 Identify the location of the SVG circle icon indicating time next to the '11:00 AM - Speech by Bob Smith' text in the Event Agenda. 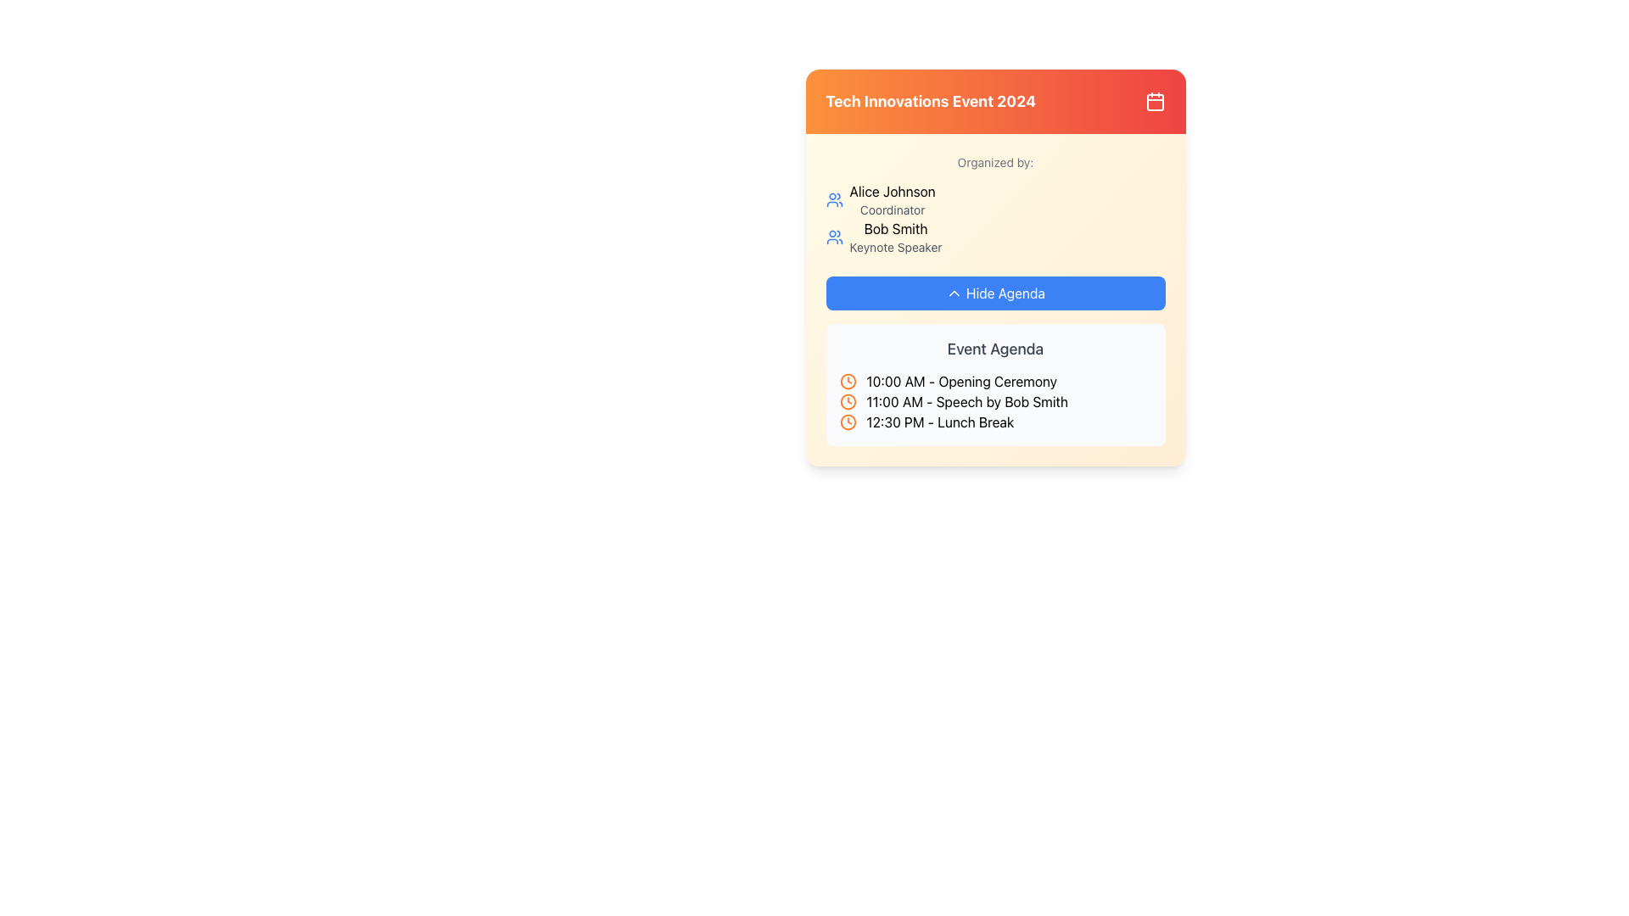
(848, 402).